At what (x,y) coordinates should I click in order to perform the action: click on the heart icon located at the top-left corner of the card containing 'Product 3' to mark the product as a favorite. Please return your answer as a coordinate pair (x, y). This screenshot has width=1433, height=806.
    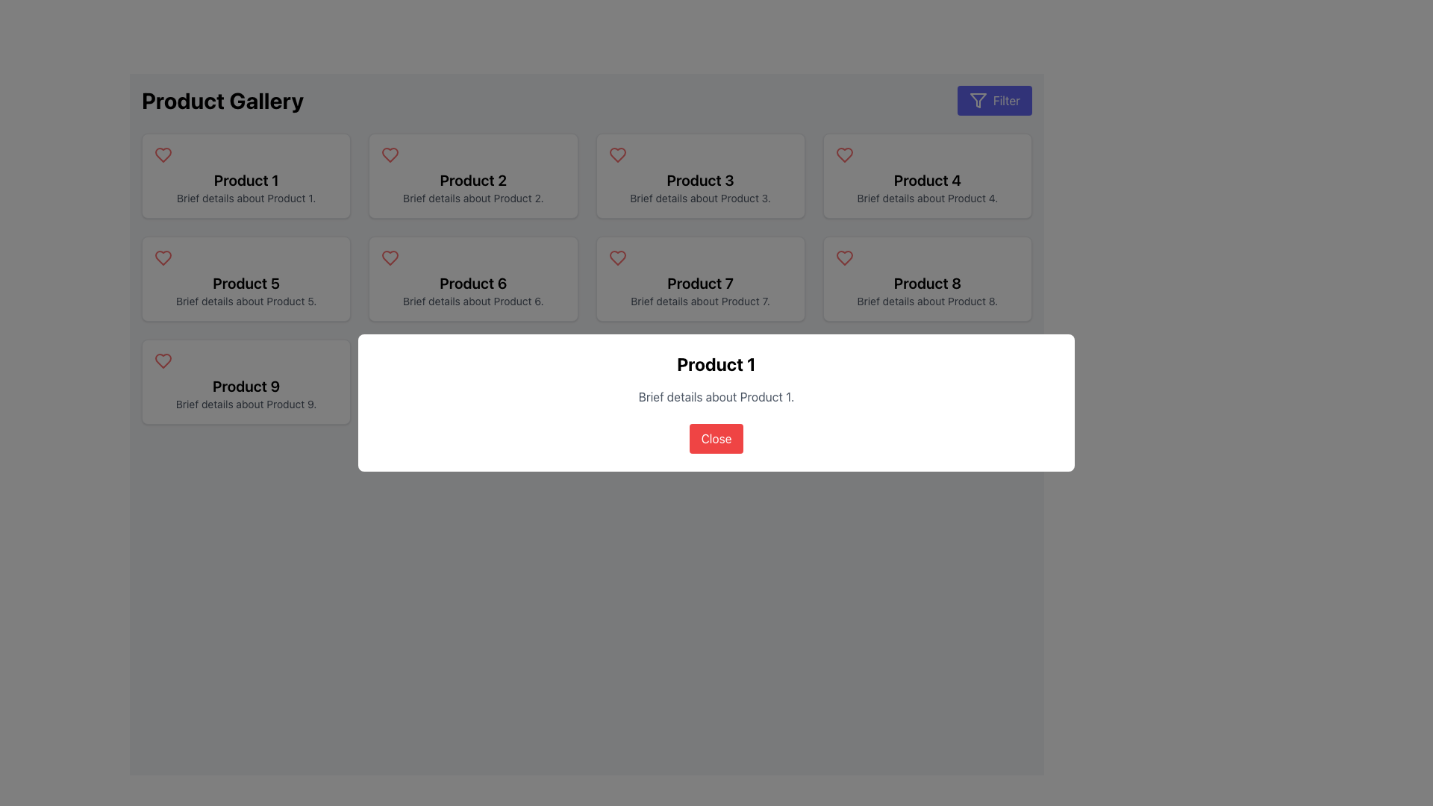
    Looking at the image, I should click on (617, 155).